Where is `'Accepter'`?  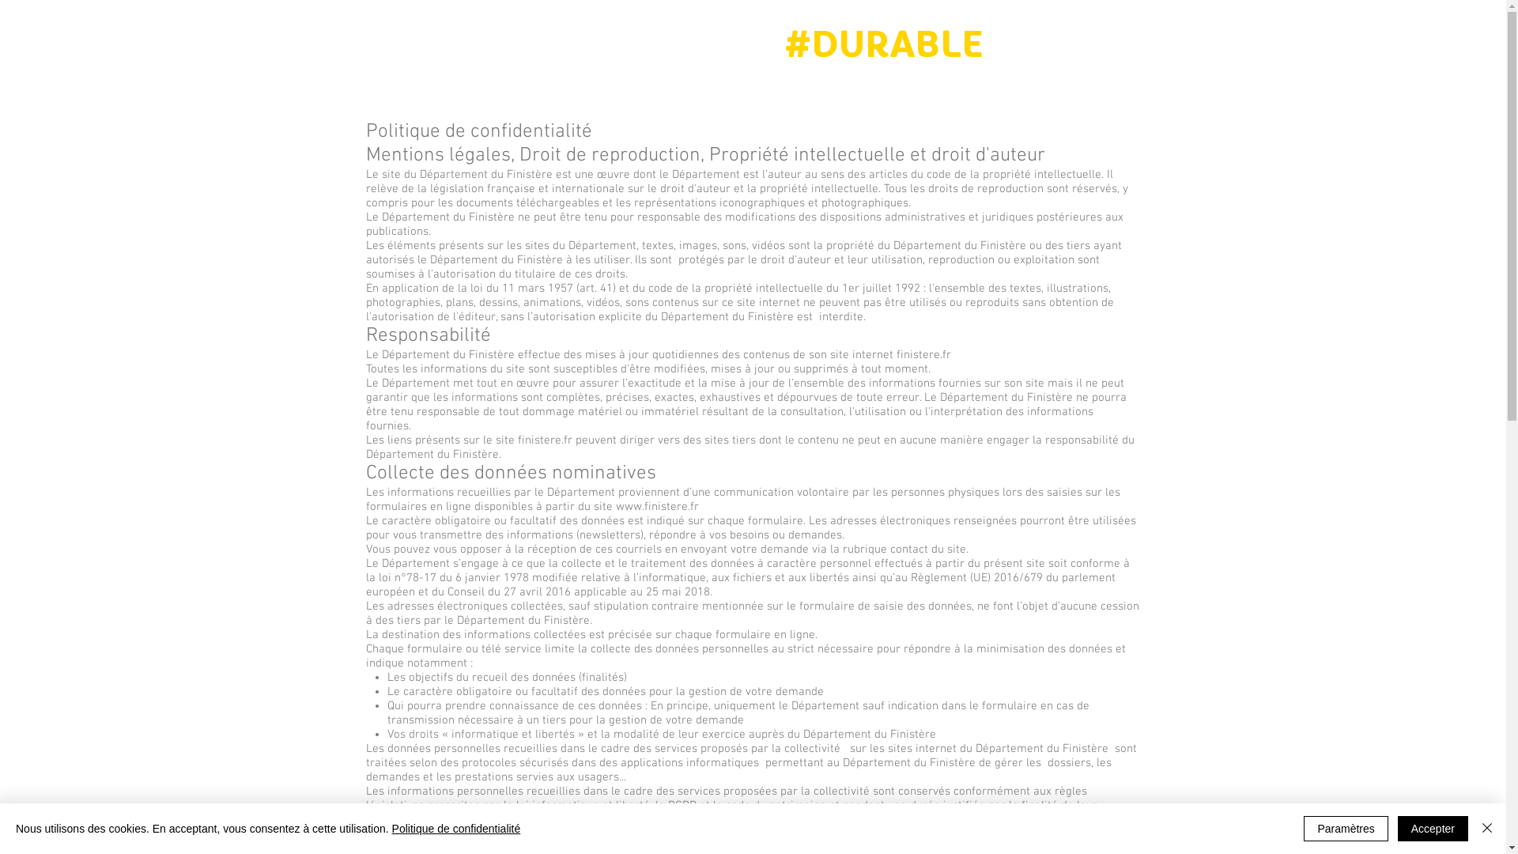
'Accepter' is located at coordinates (1433, 828).